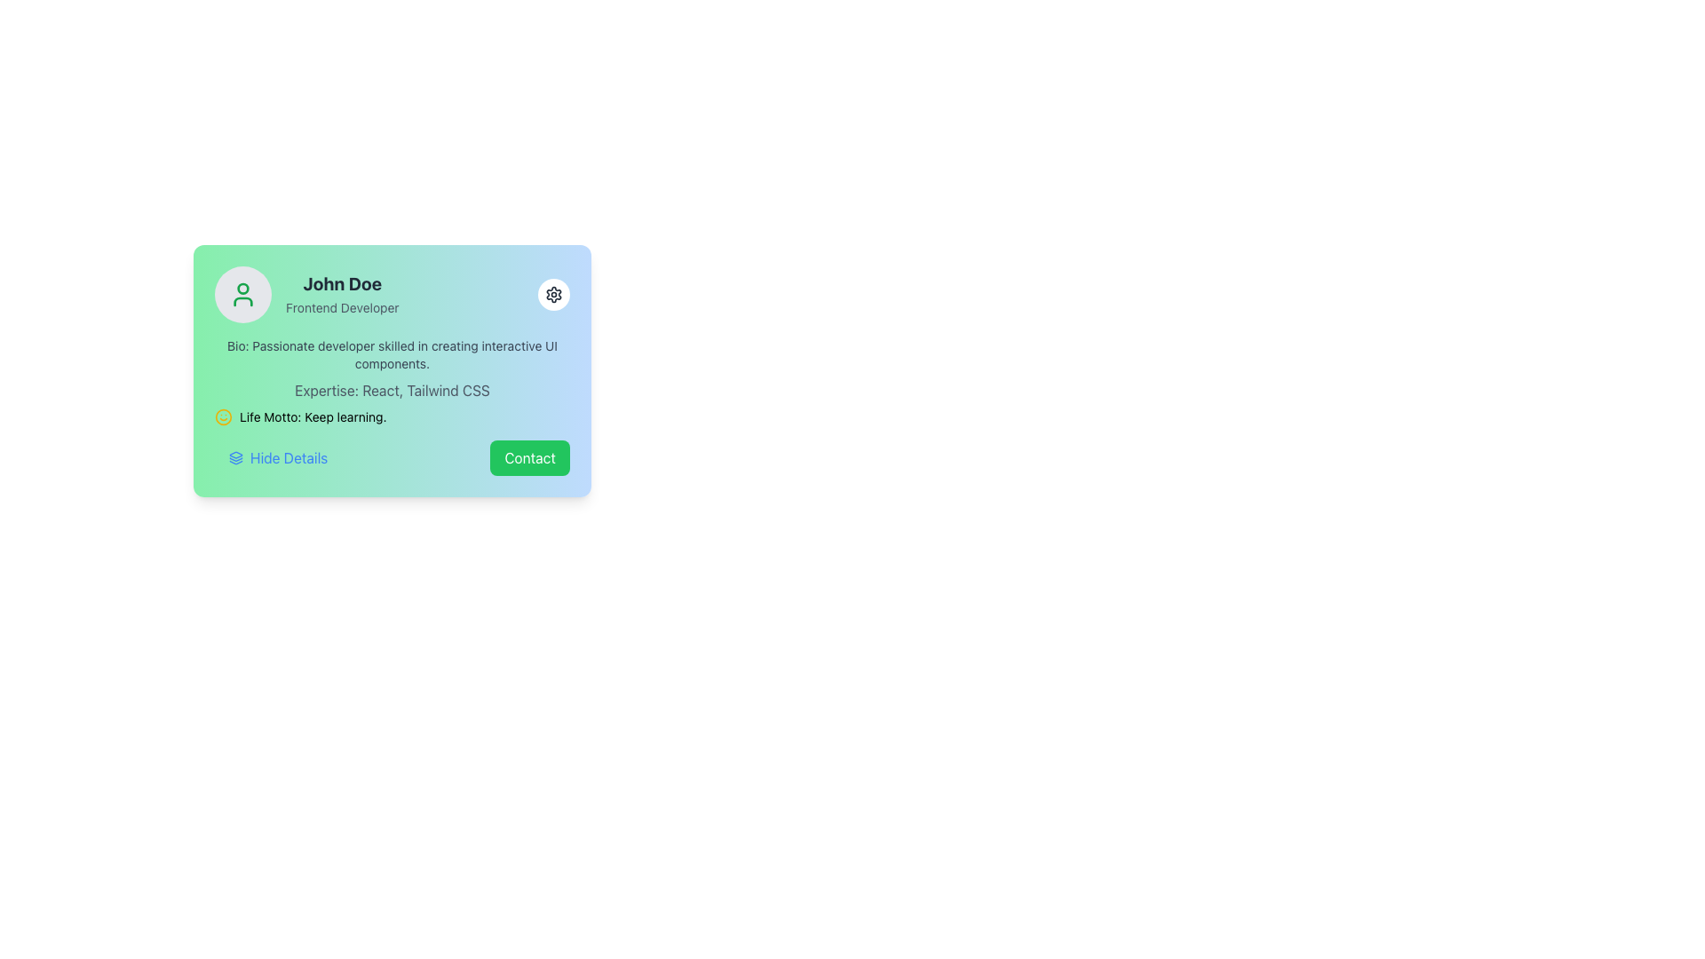  I want to click on the interactive button located in the lower-left portion of the card component, so click(277, 457).